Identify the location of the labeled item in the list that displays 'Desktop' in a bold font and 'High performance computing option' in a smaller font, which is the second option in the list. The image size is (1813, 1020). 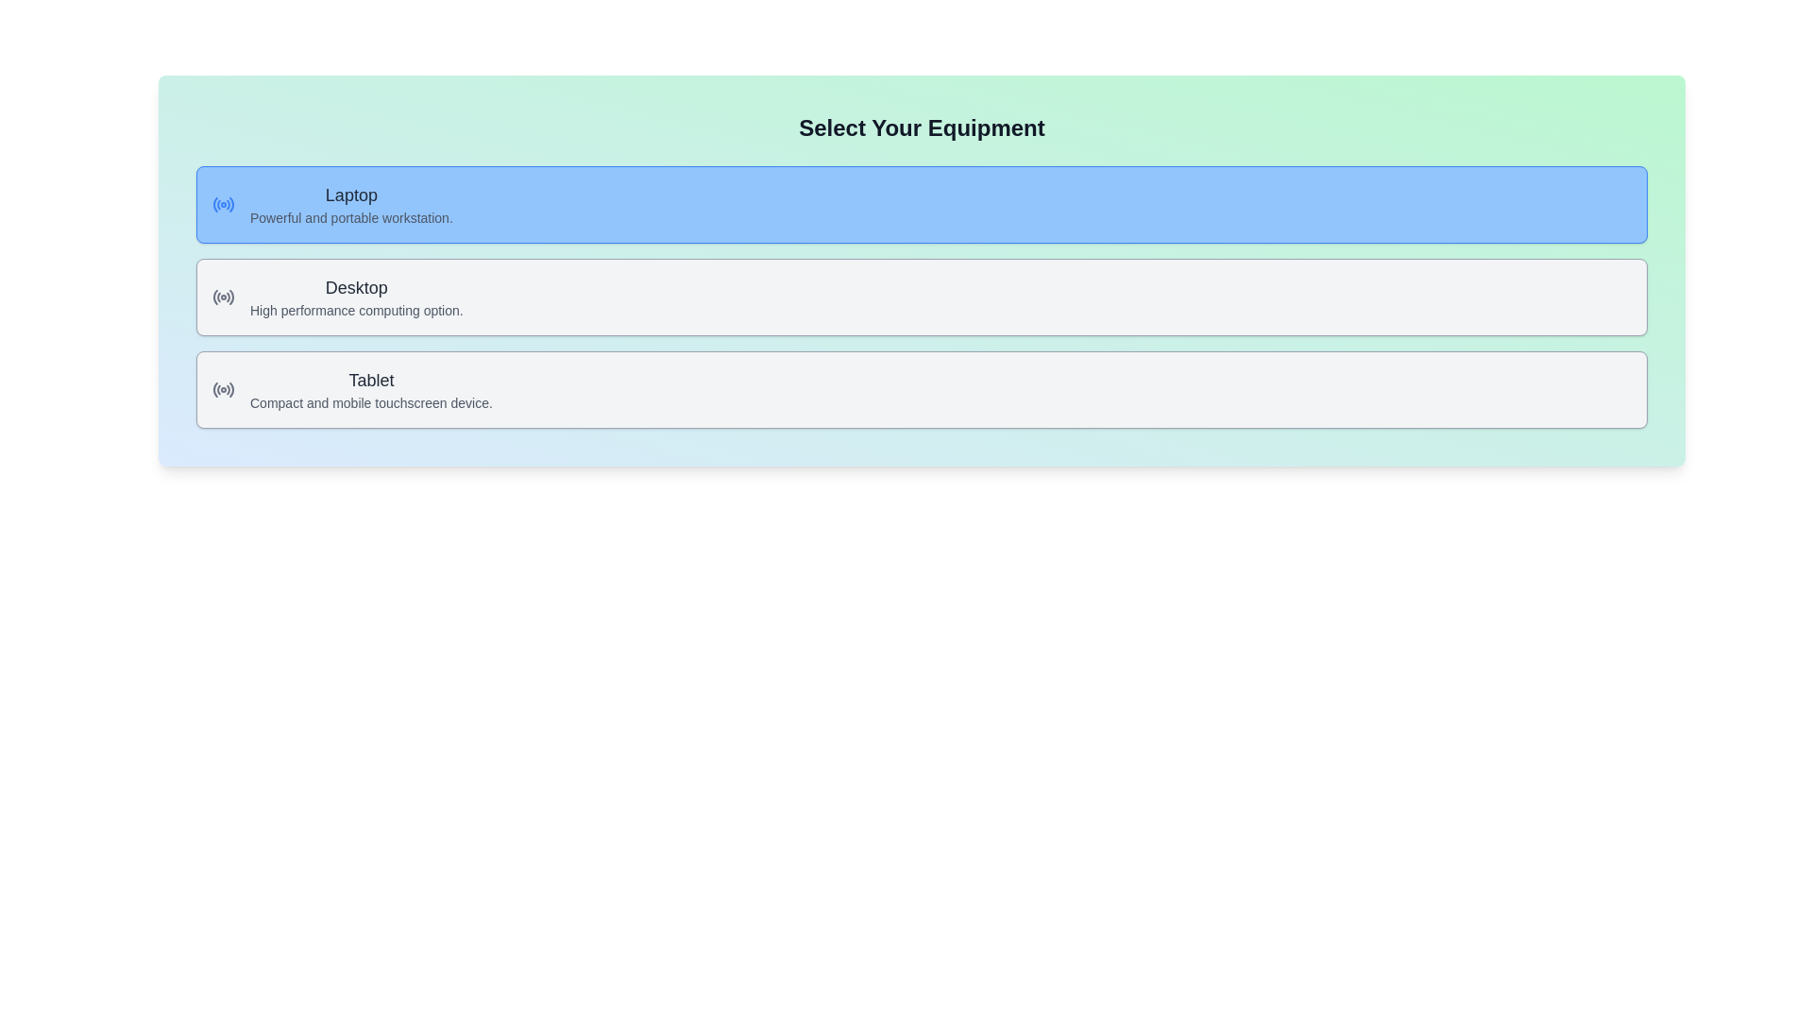
(356, 297).